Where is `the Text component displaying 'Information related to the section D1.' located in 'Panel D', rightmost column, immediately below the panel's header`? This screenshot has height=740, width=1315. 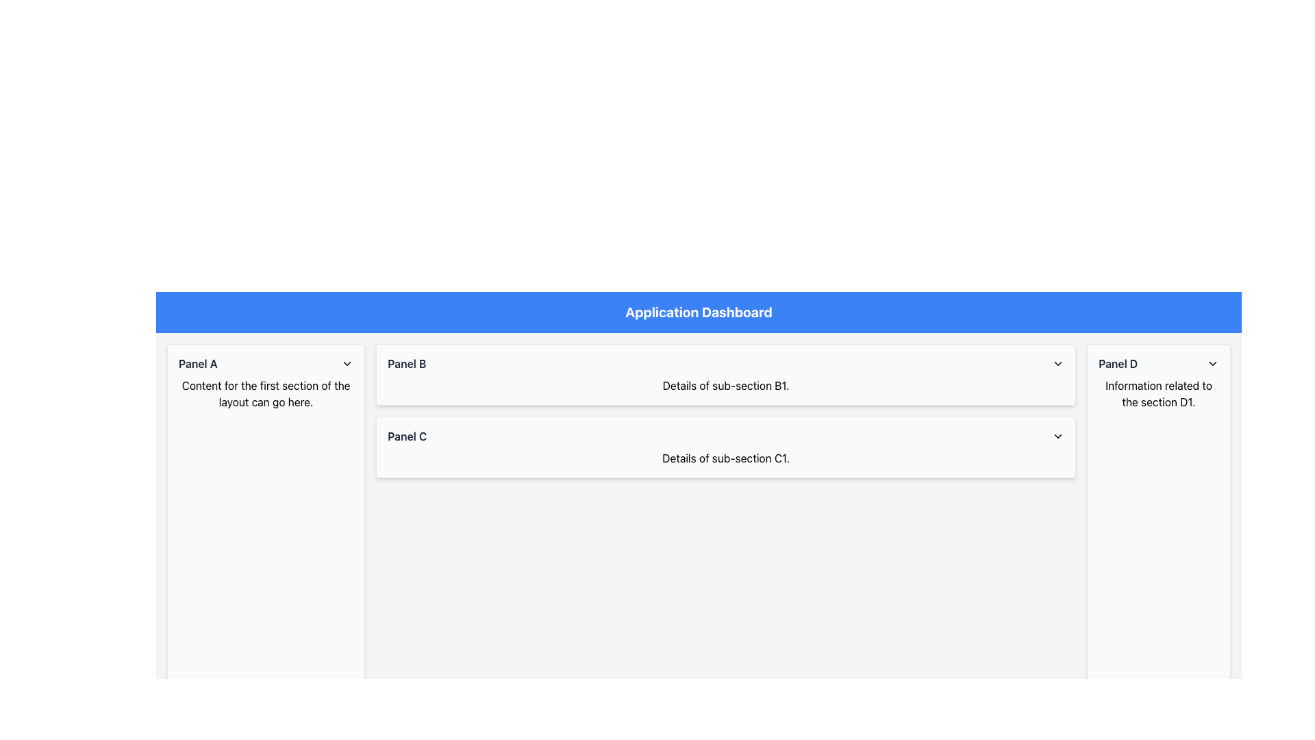 the Text component displaying 'Information related to the section D1.' located in 'Panel D', rightmost column, immediately below the panel's header is located at coordinates (1158, 393).